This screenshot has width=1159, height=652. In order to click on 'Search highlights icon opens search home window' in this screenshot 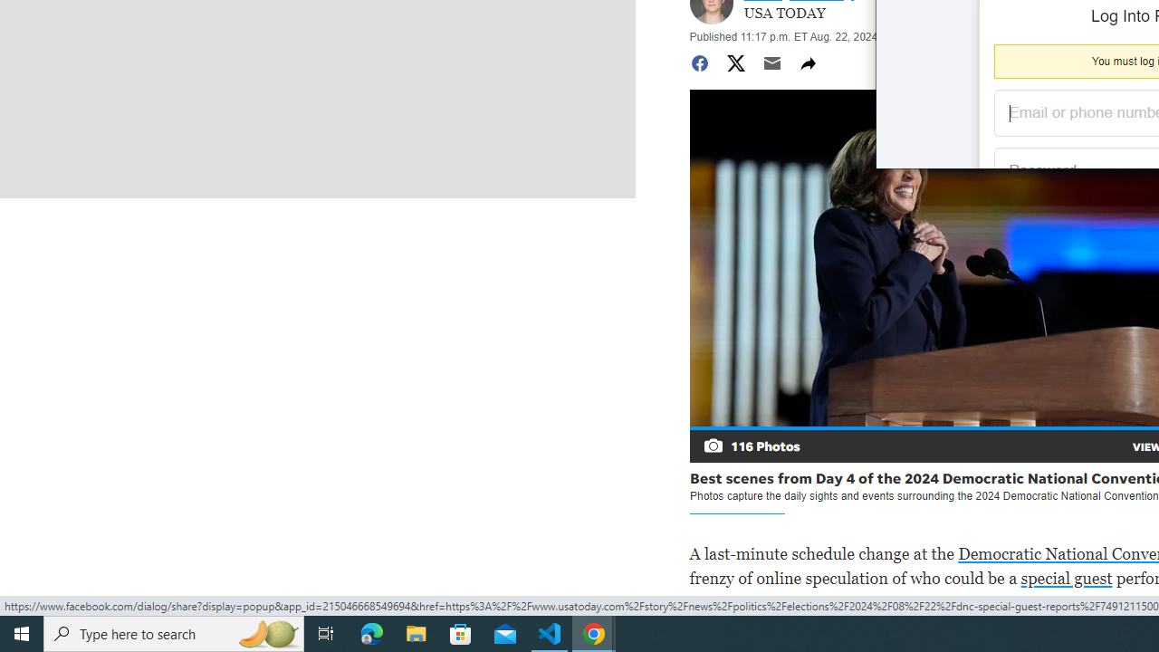, I will do `click(266, 632)`.